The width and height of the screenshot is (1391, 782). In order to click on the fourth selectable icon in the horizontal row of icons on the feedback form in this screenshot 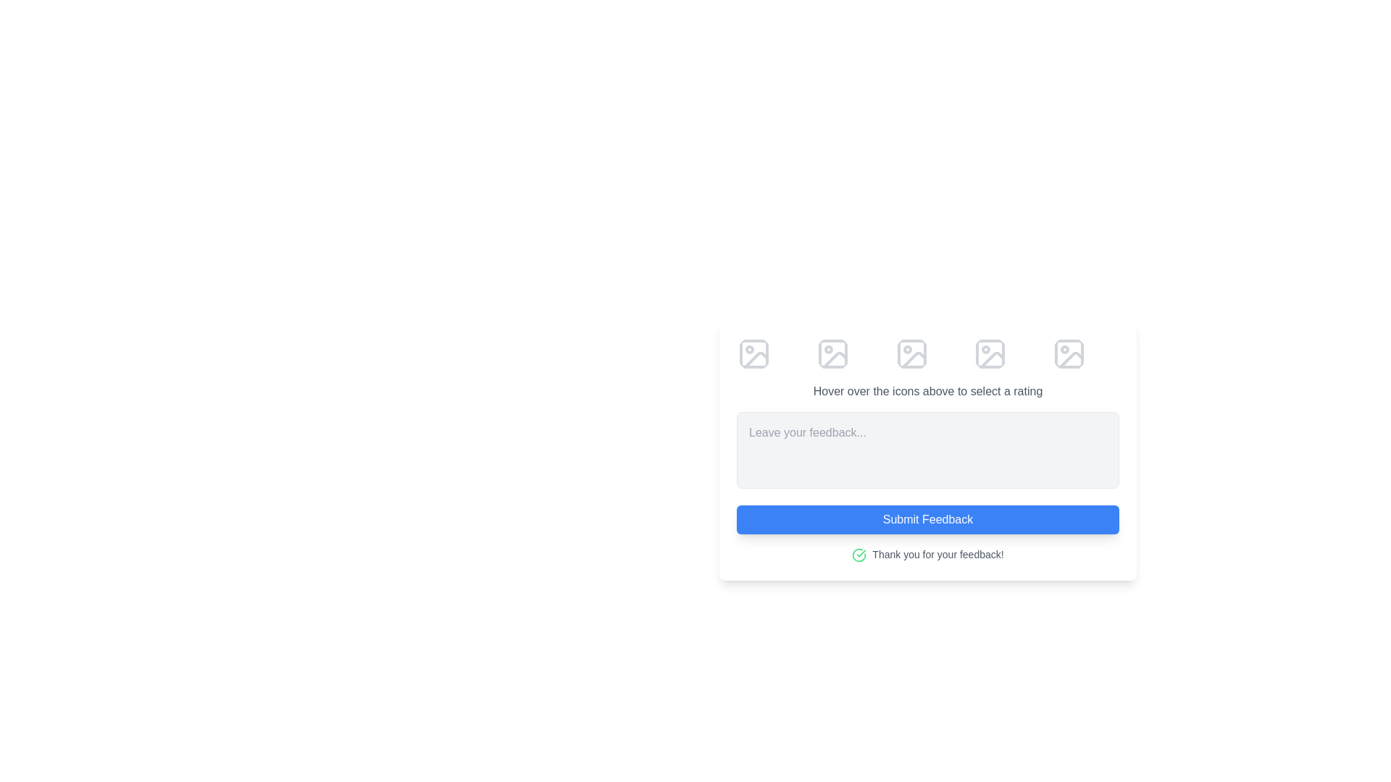, I will do `click(990, 354)`.